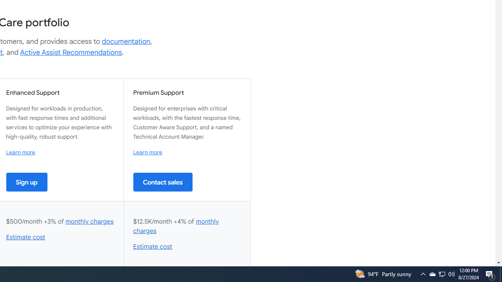 The image size is (502, 282). I want to click on 'documentation', so click(126, 41).